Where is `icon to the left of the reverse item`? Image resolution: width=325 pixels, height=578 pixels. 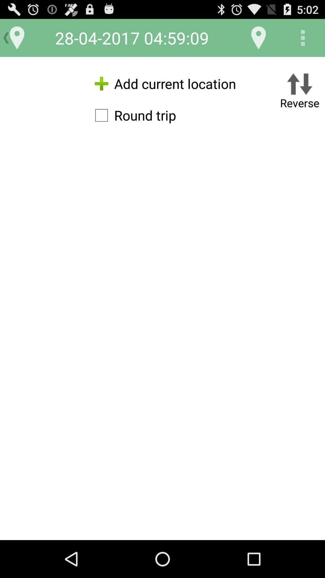
icon to the left of the reverse item is located at coordinates (162, 83).